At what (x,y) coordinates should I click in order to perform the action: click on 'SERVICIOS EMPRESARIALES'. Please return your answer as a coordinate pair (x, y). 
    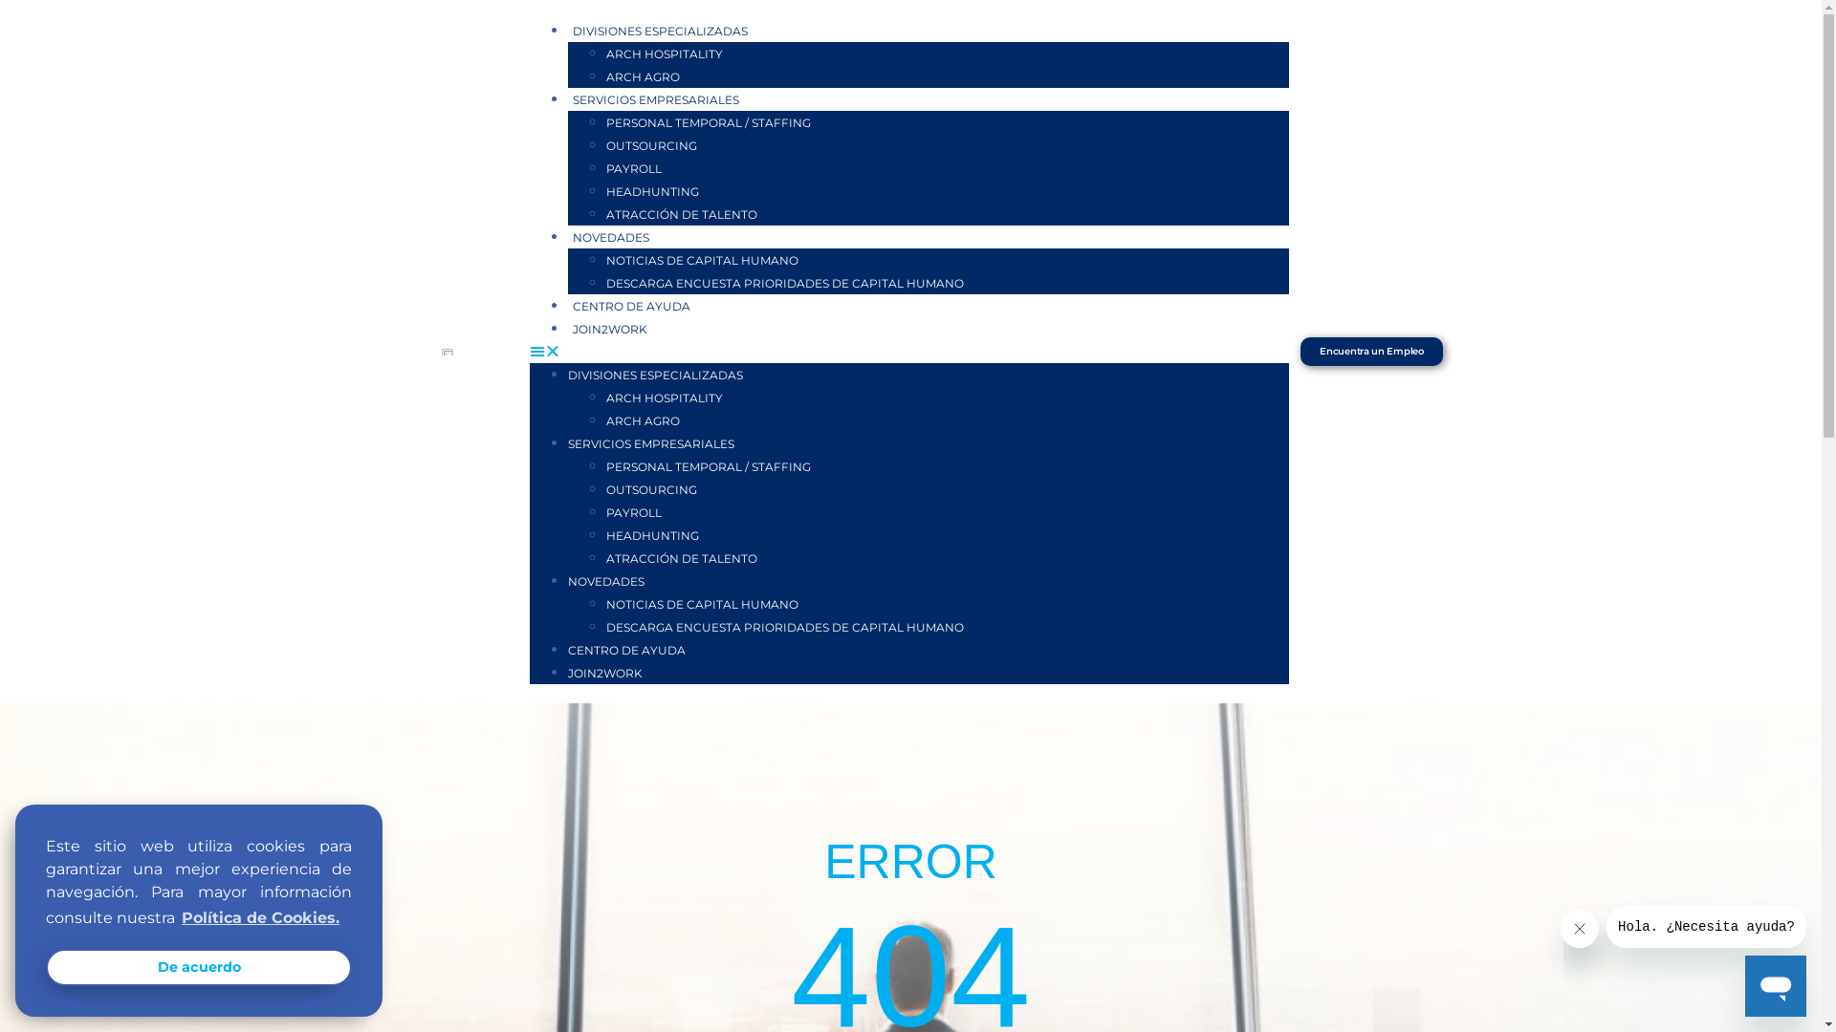
    Looking at the image, I should click on (656, 99).